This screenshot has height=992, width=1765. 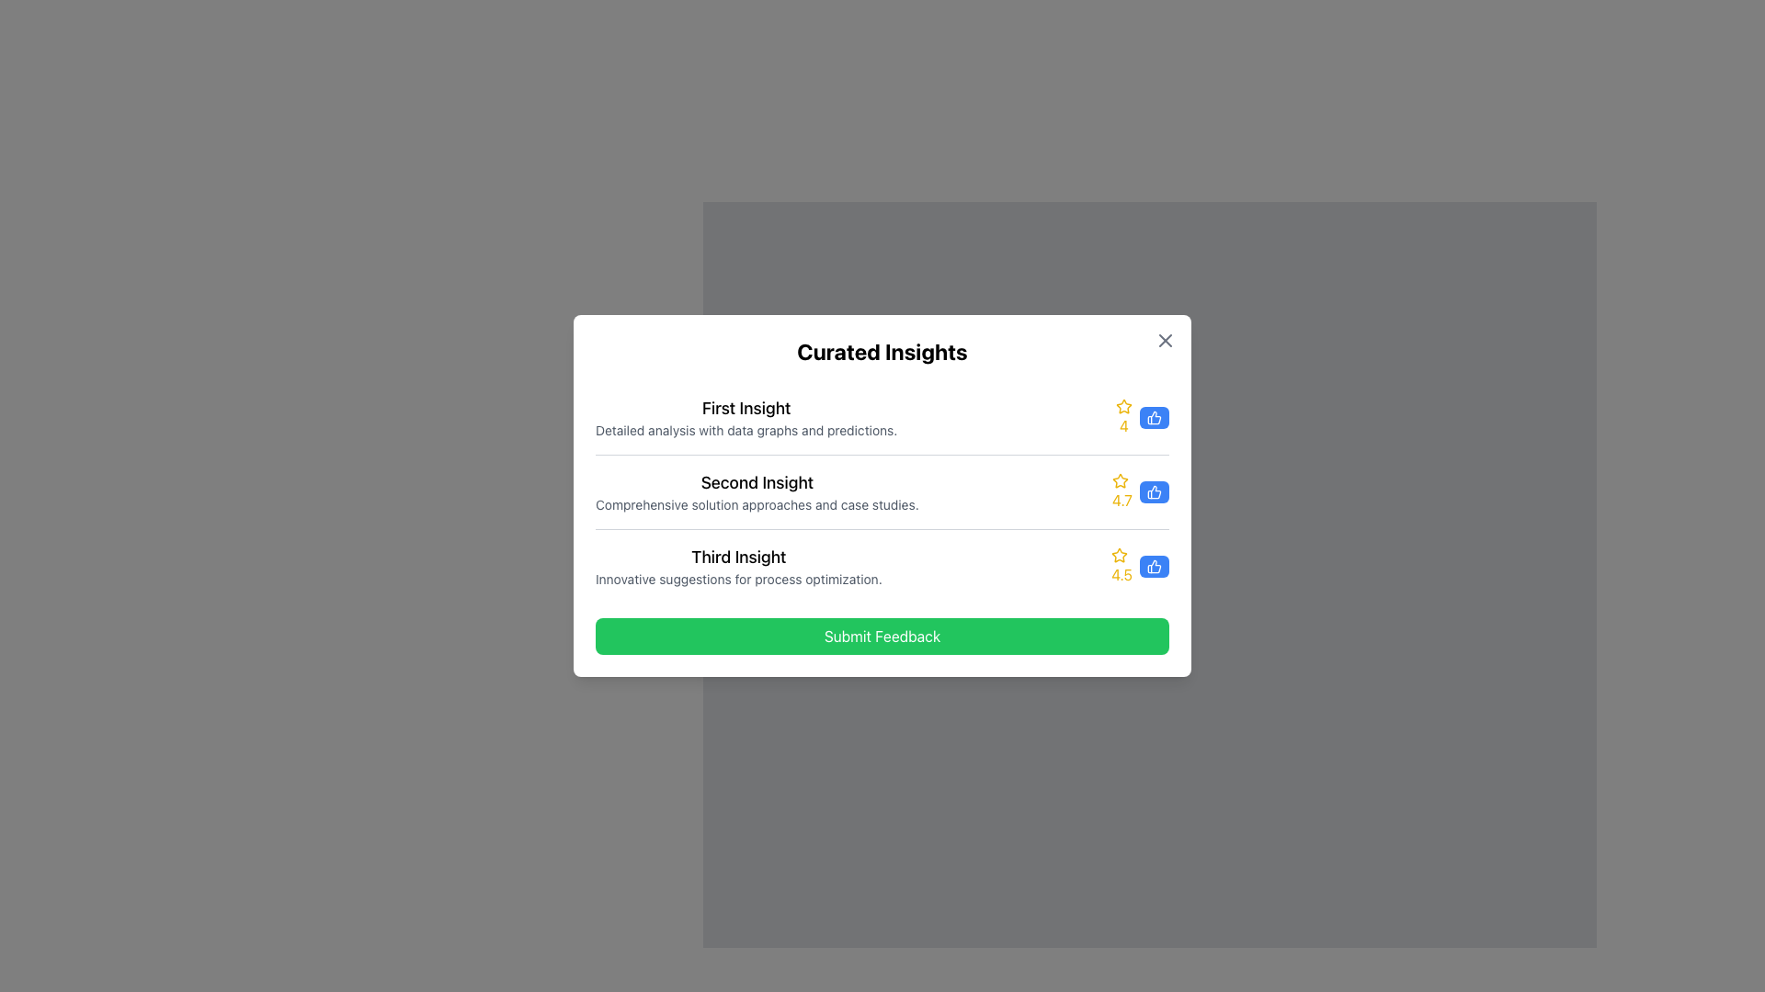 What do you see at coordinates (738, 566) in the screenshot?
I see `the 'Third Insight' text group element, which includes the title styled in bold and larger font and a gray-colored subtitle, centrally located under the second insight element` at bounding box center [738, 566].